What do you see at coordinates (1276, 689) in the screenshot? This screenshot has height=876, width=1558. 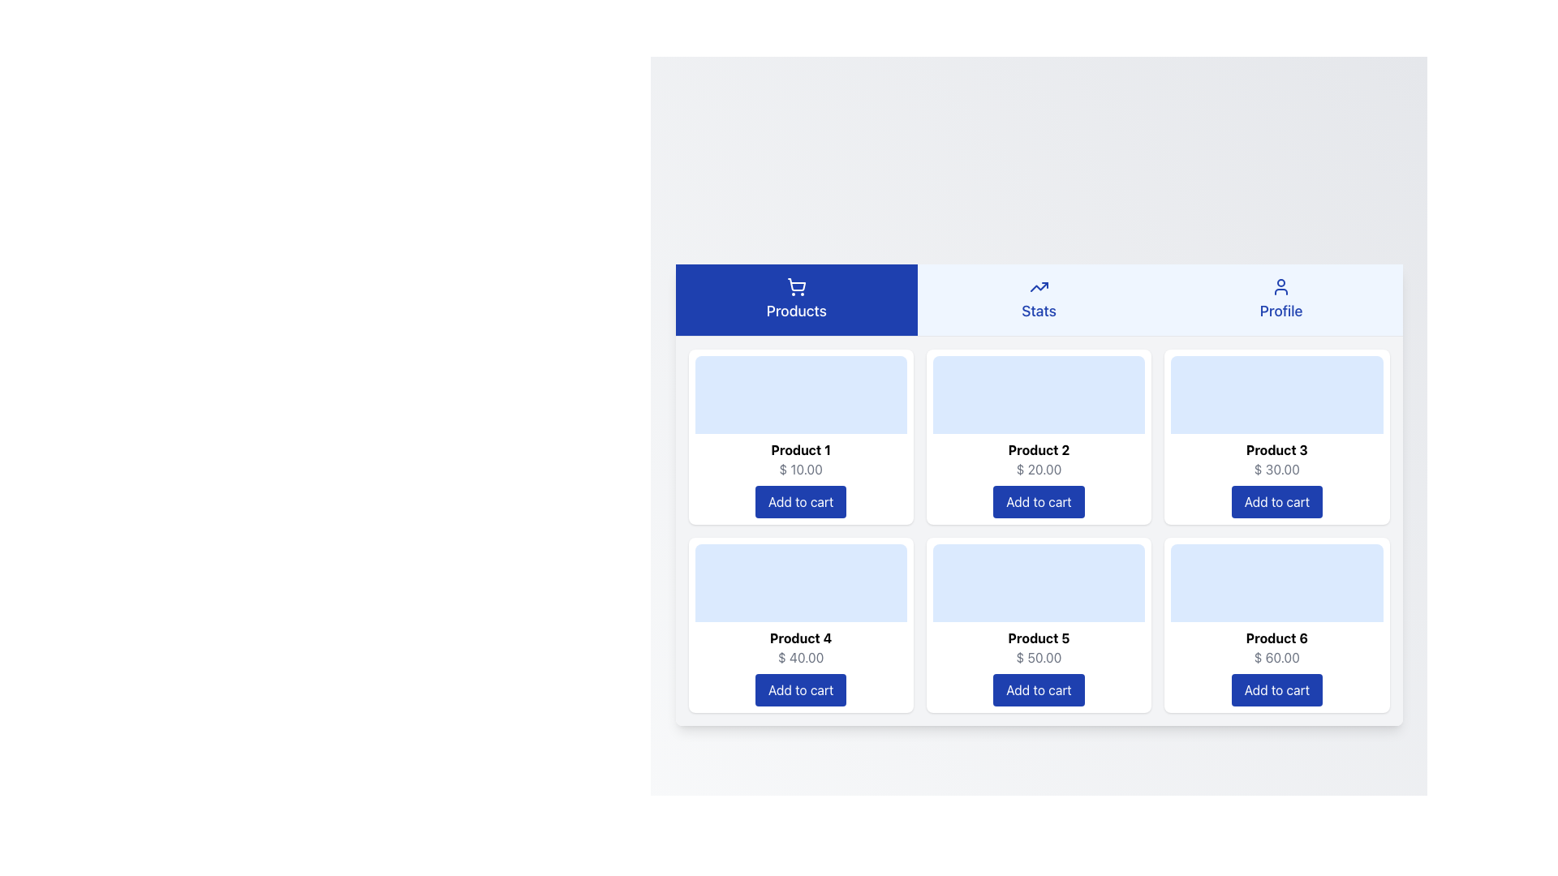 I see `the 'Add to cart' button, which has a blue background and white bold text, located at the bottom-right of the 'Product 6' card for focus or tooltip effects` at bounding box center [1276, 689].